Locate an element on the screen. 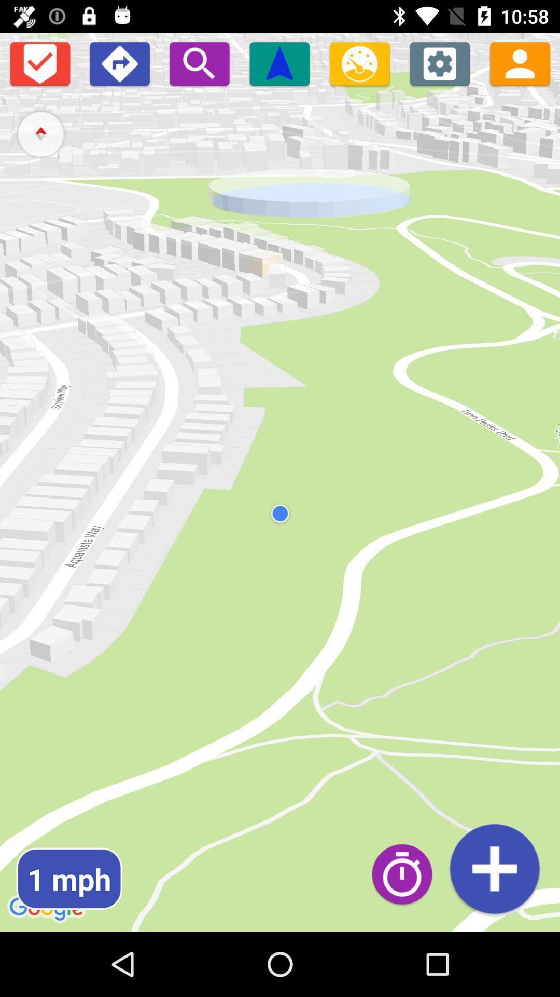 The image size is (560, 997). settings page is located at coordinates (440, 63).